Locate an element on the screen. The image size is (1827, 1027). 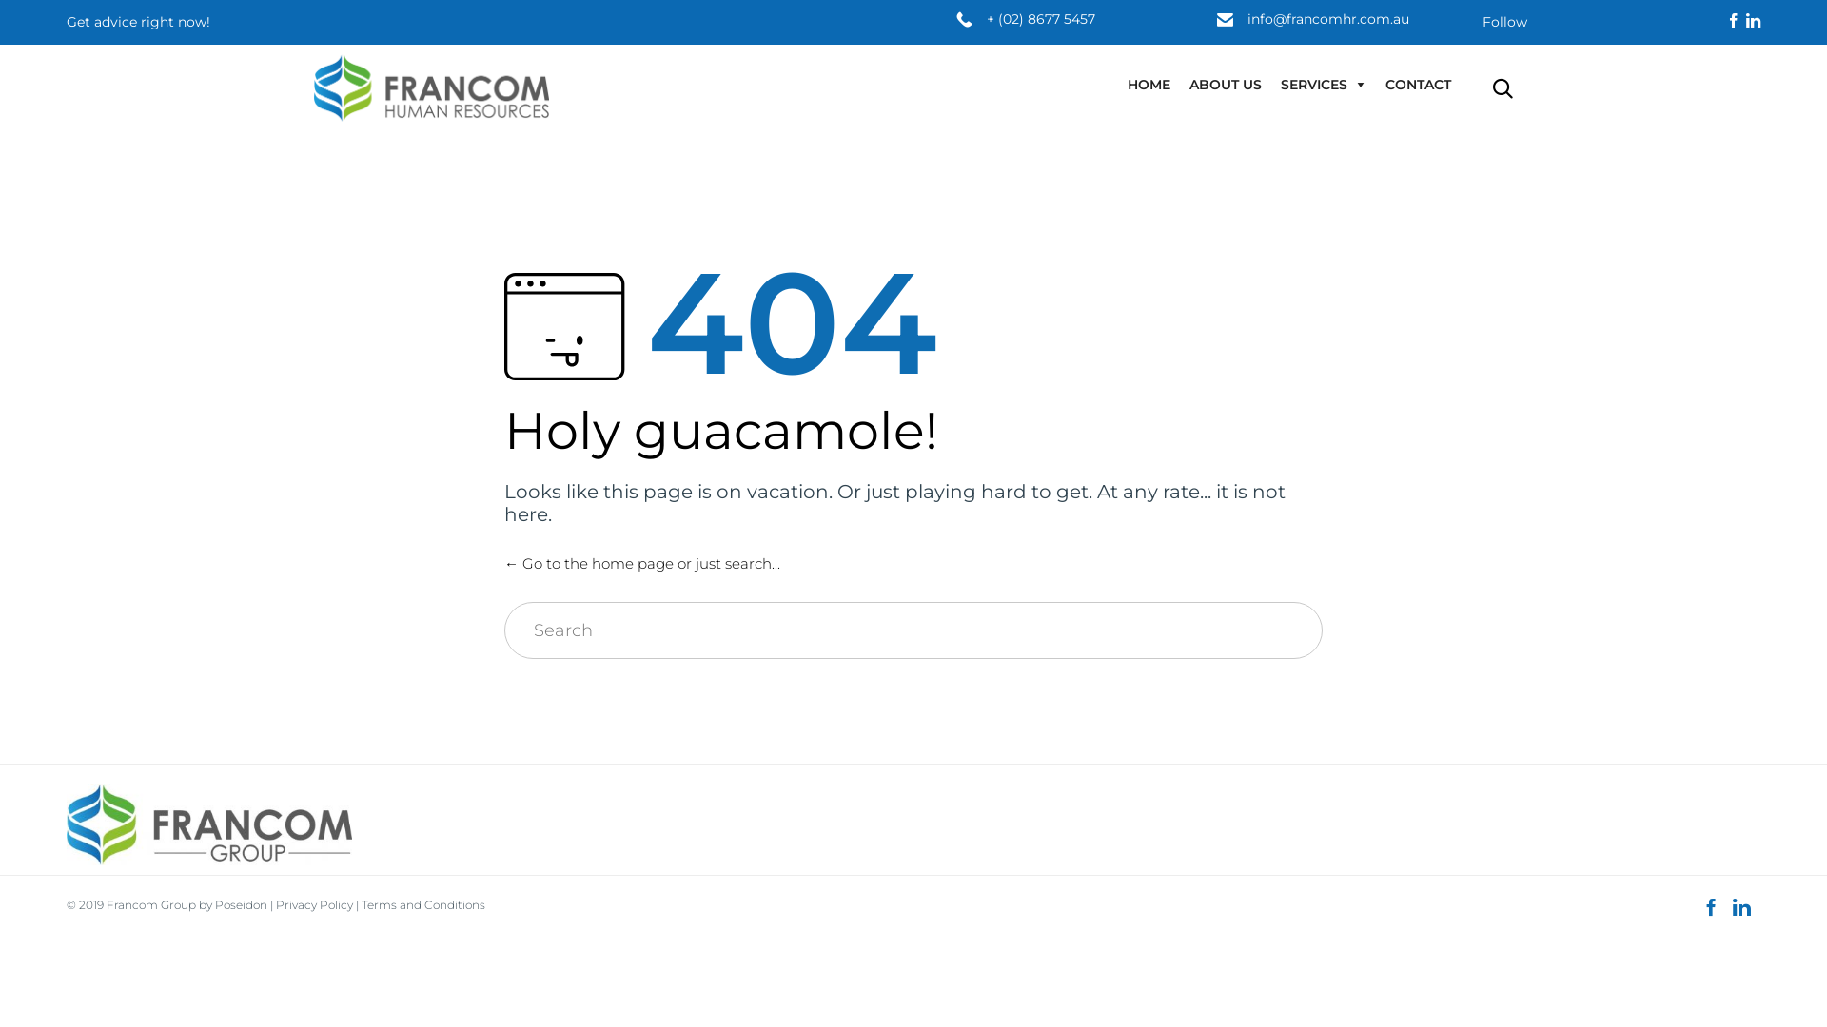
'Privacy Policy' is located at coordinates (314, 904).